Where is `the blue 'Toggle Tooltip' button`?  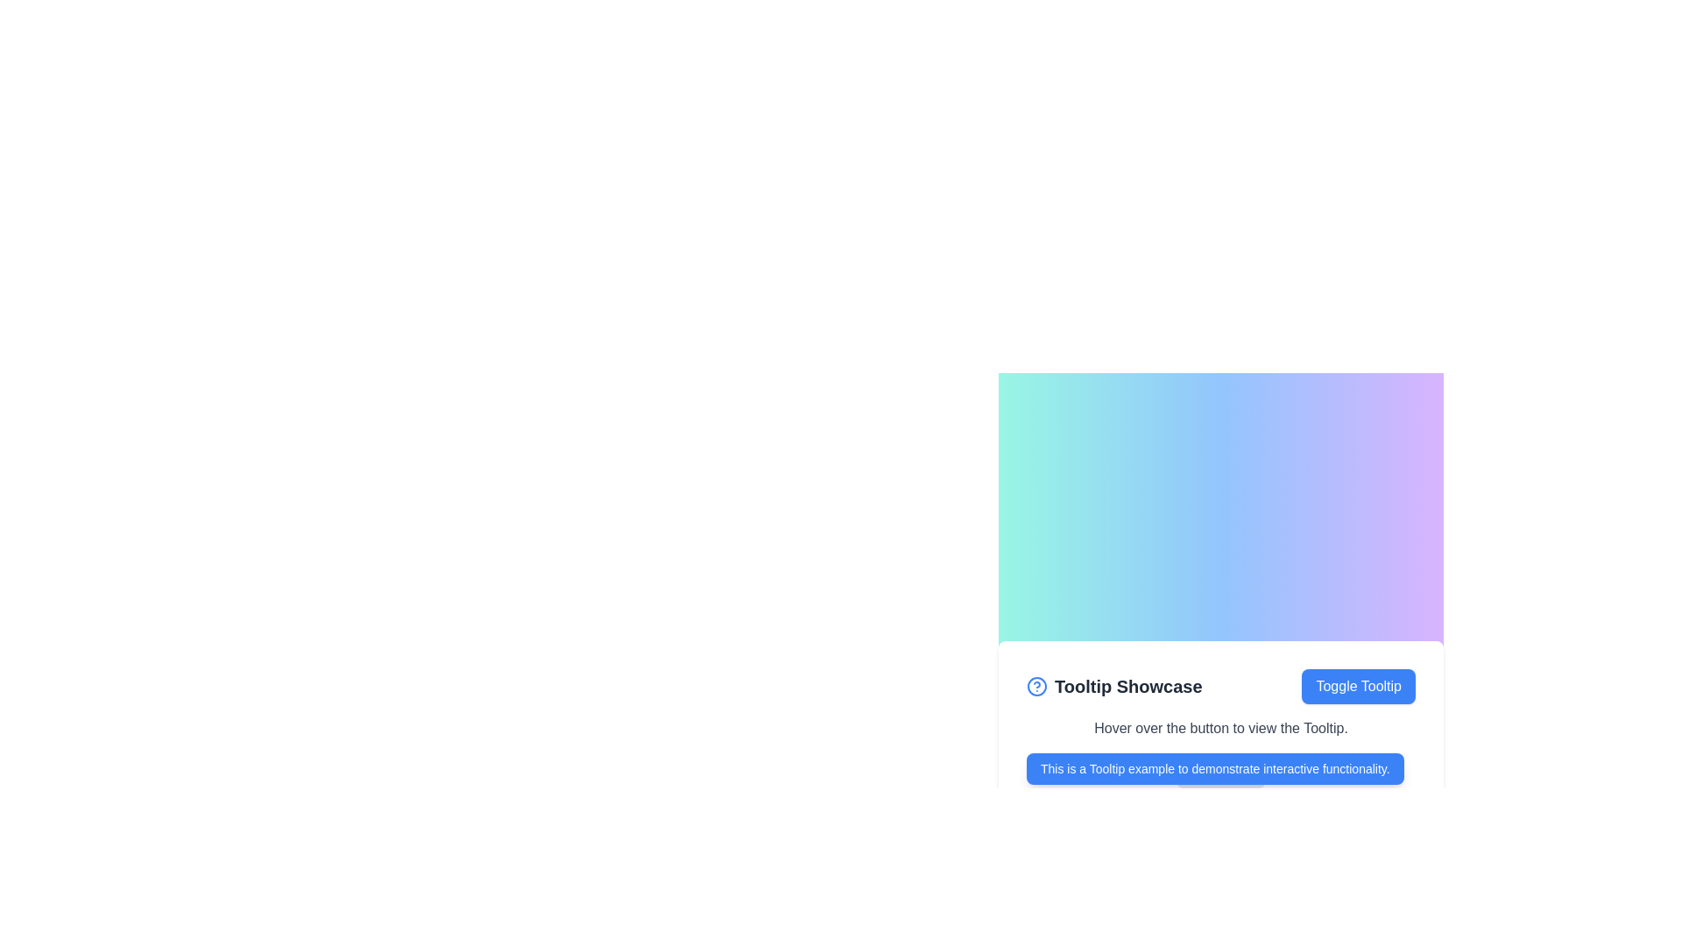 the blue 'Toggle Tooltip' button is located at coordinates (1358, 685).